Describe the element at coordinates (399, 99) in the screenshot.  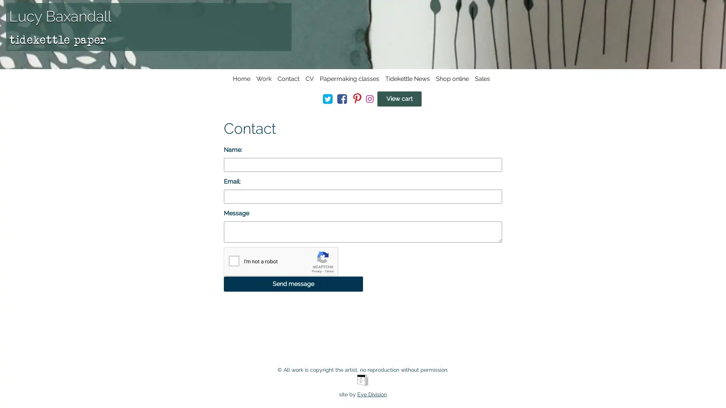
I see `View cart` at that location.